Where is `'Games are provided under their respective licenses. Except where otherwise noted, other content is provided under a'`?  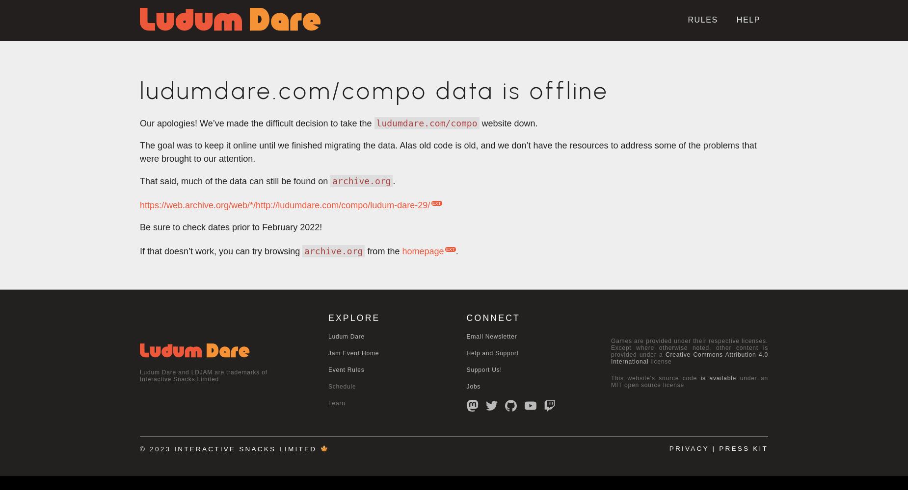 'Games are provided under their respective licenses. Except where otherwise noted, other content is provided under a' is located at coordinates (690, 347).